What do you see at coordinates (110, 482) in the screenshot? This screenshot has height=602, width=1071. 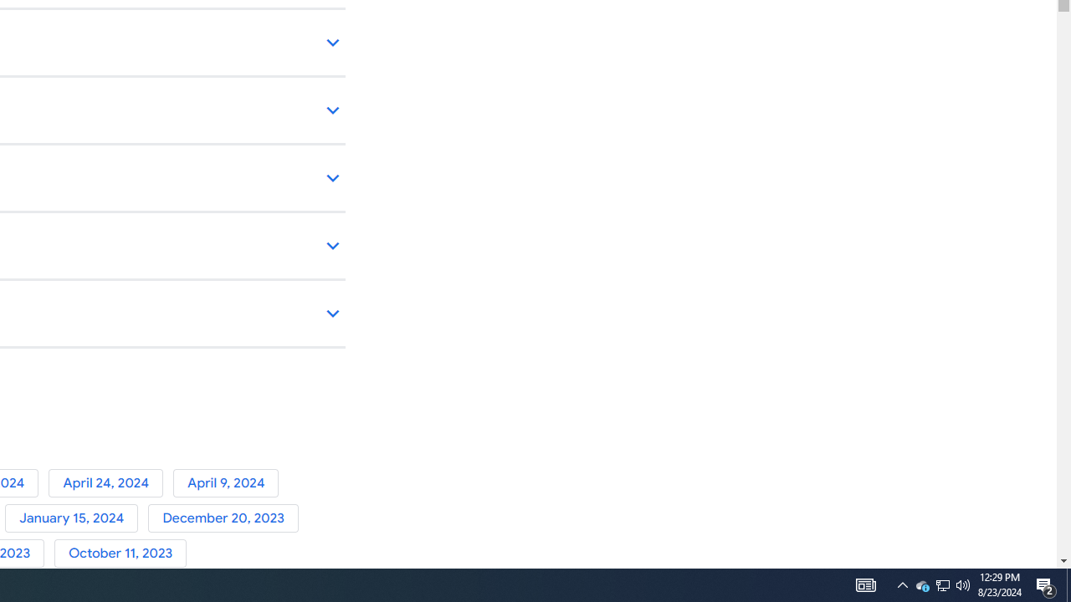 I see `'April 24, 2024'` at bounding box center [110, 482].